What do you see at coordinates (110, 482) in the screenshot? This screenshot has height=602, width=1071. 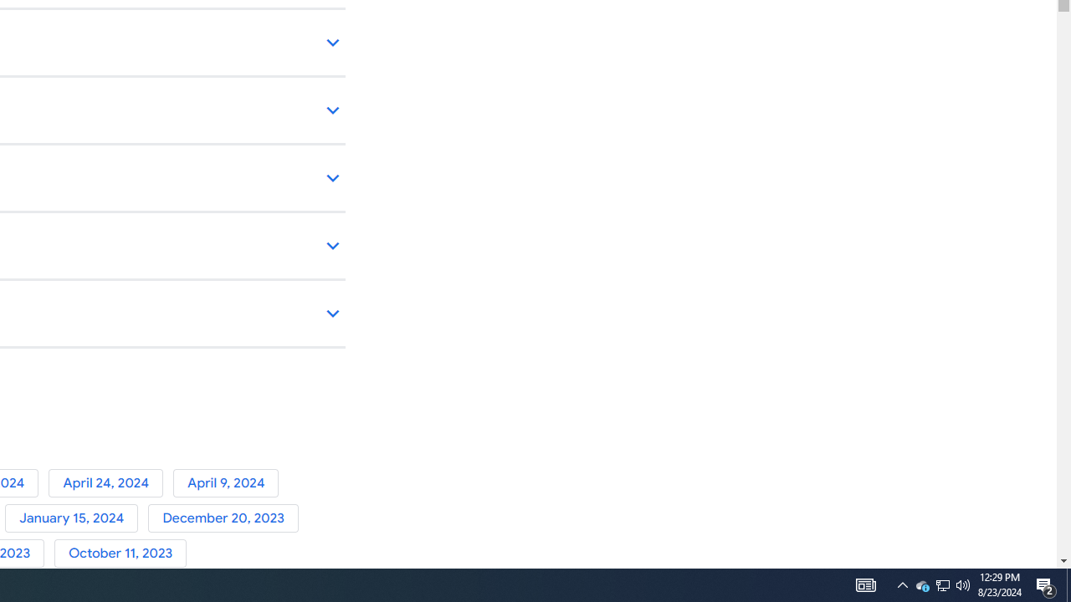 I see `'April 24, 2024'` at bounding box center [110, 482].